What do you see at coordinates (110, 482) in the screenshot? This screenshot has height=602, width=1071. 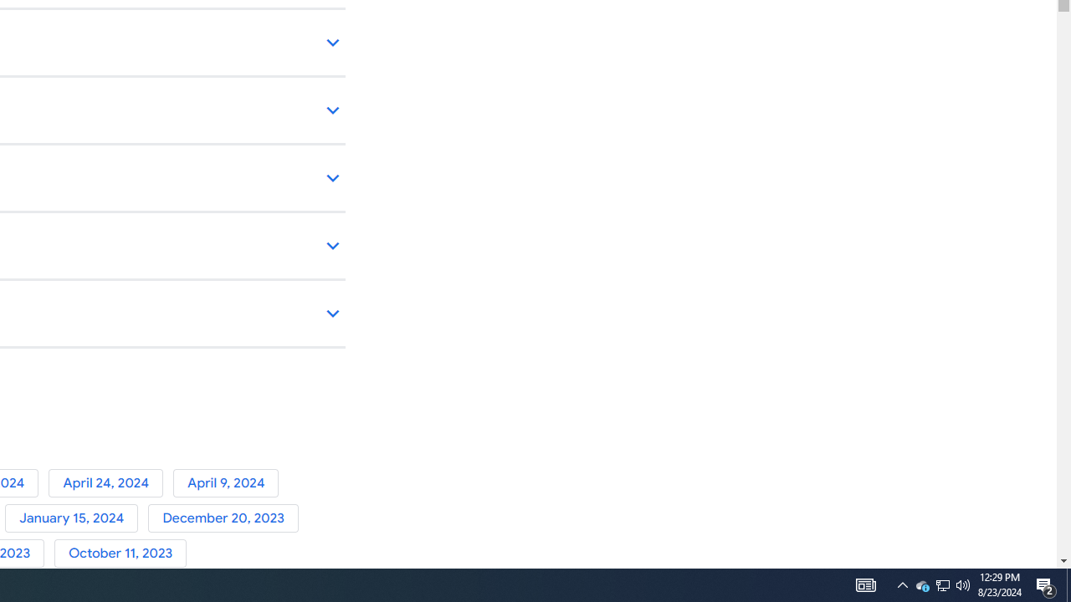 I see `'April 24, 2024'` at bounding box center [110, 482].